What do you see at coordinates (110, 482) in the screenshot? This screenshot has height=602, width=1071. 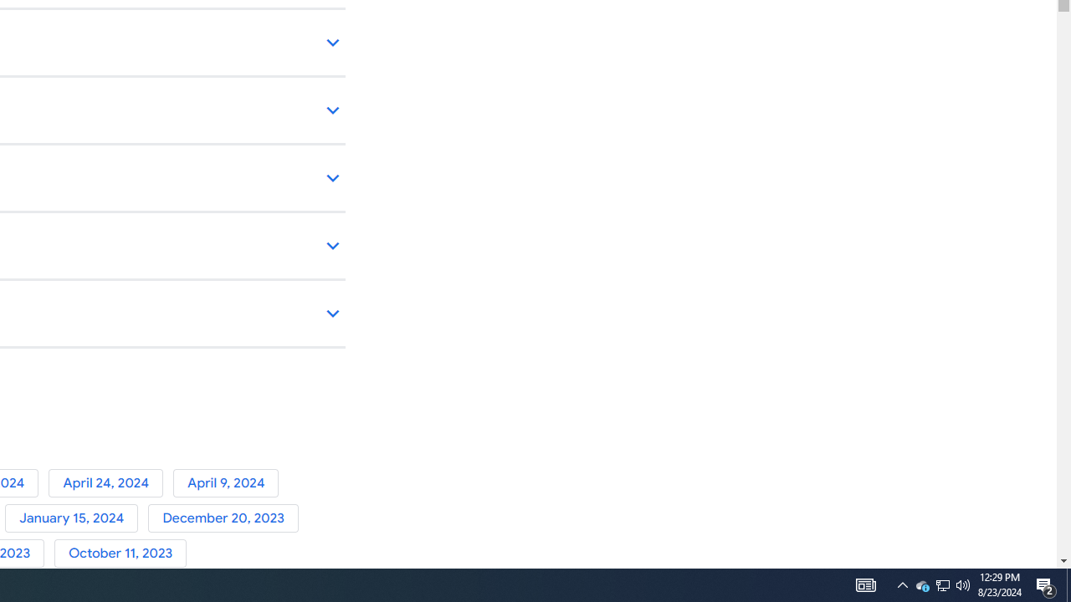 I see `'April 24, 2024'` at bounding box center [110, 482].